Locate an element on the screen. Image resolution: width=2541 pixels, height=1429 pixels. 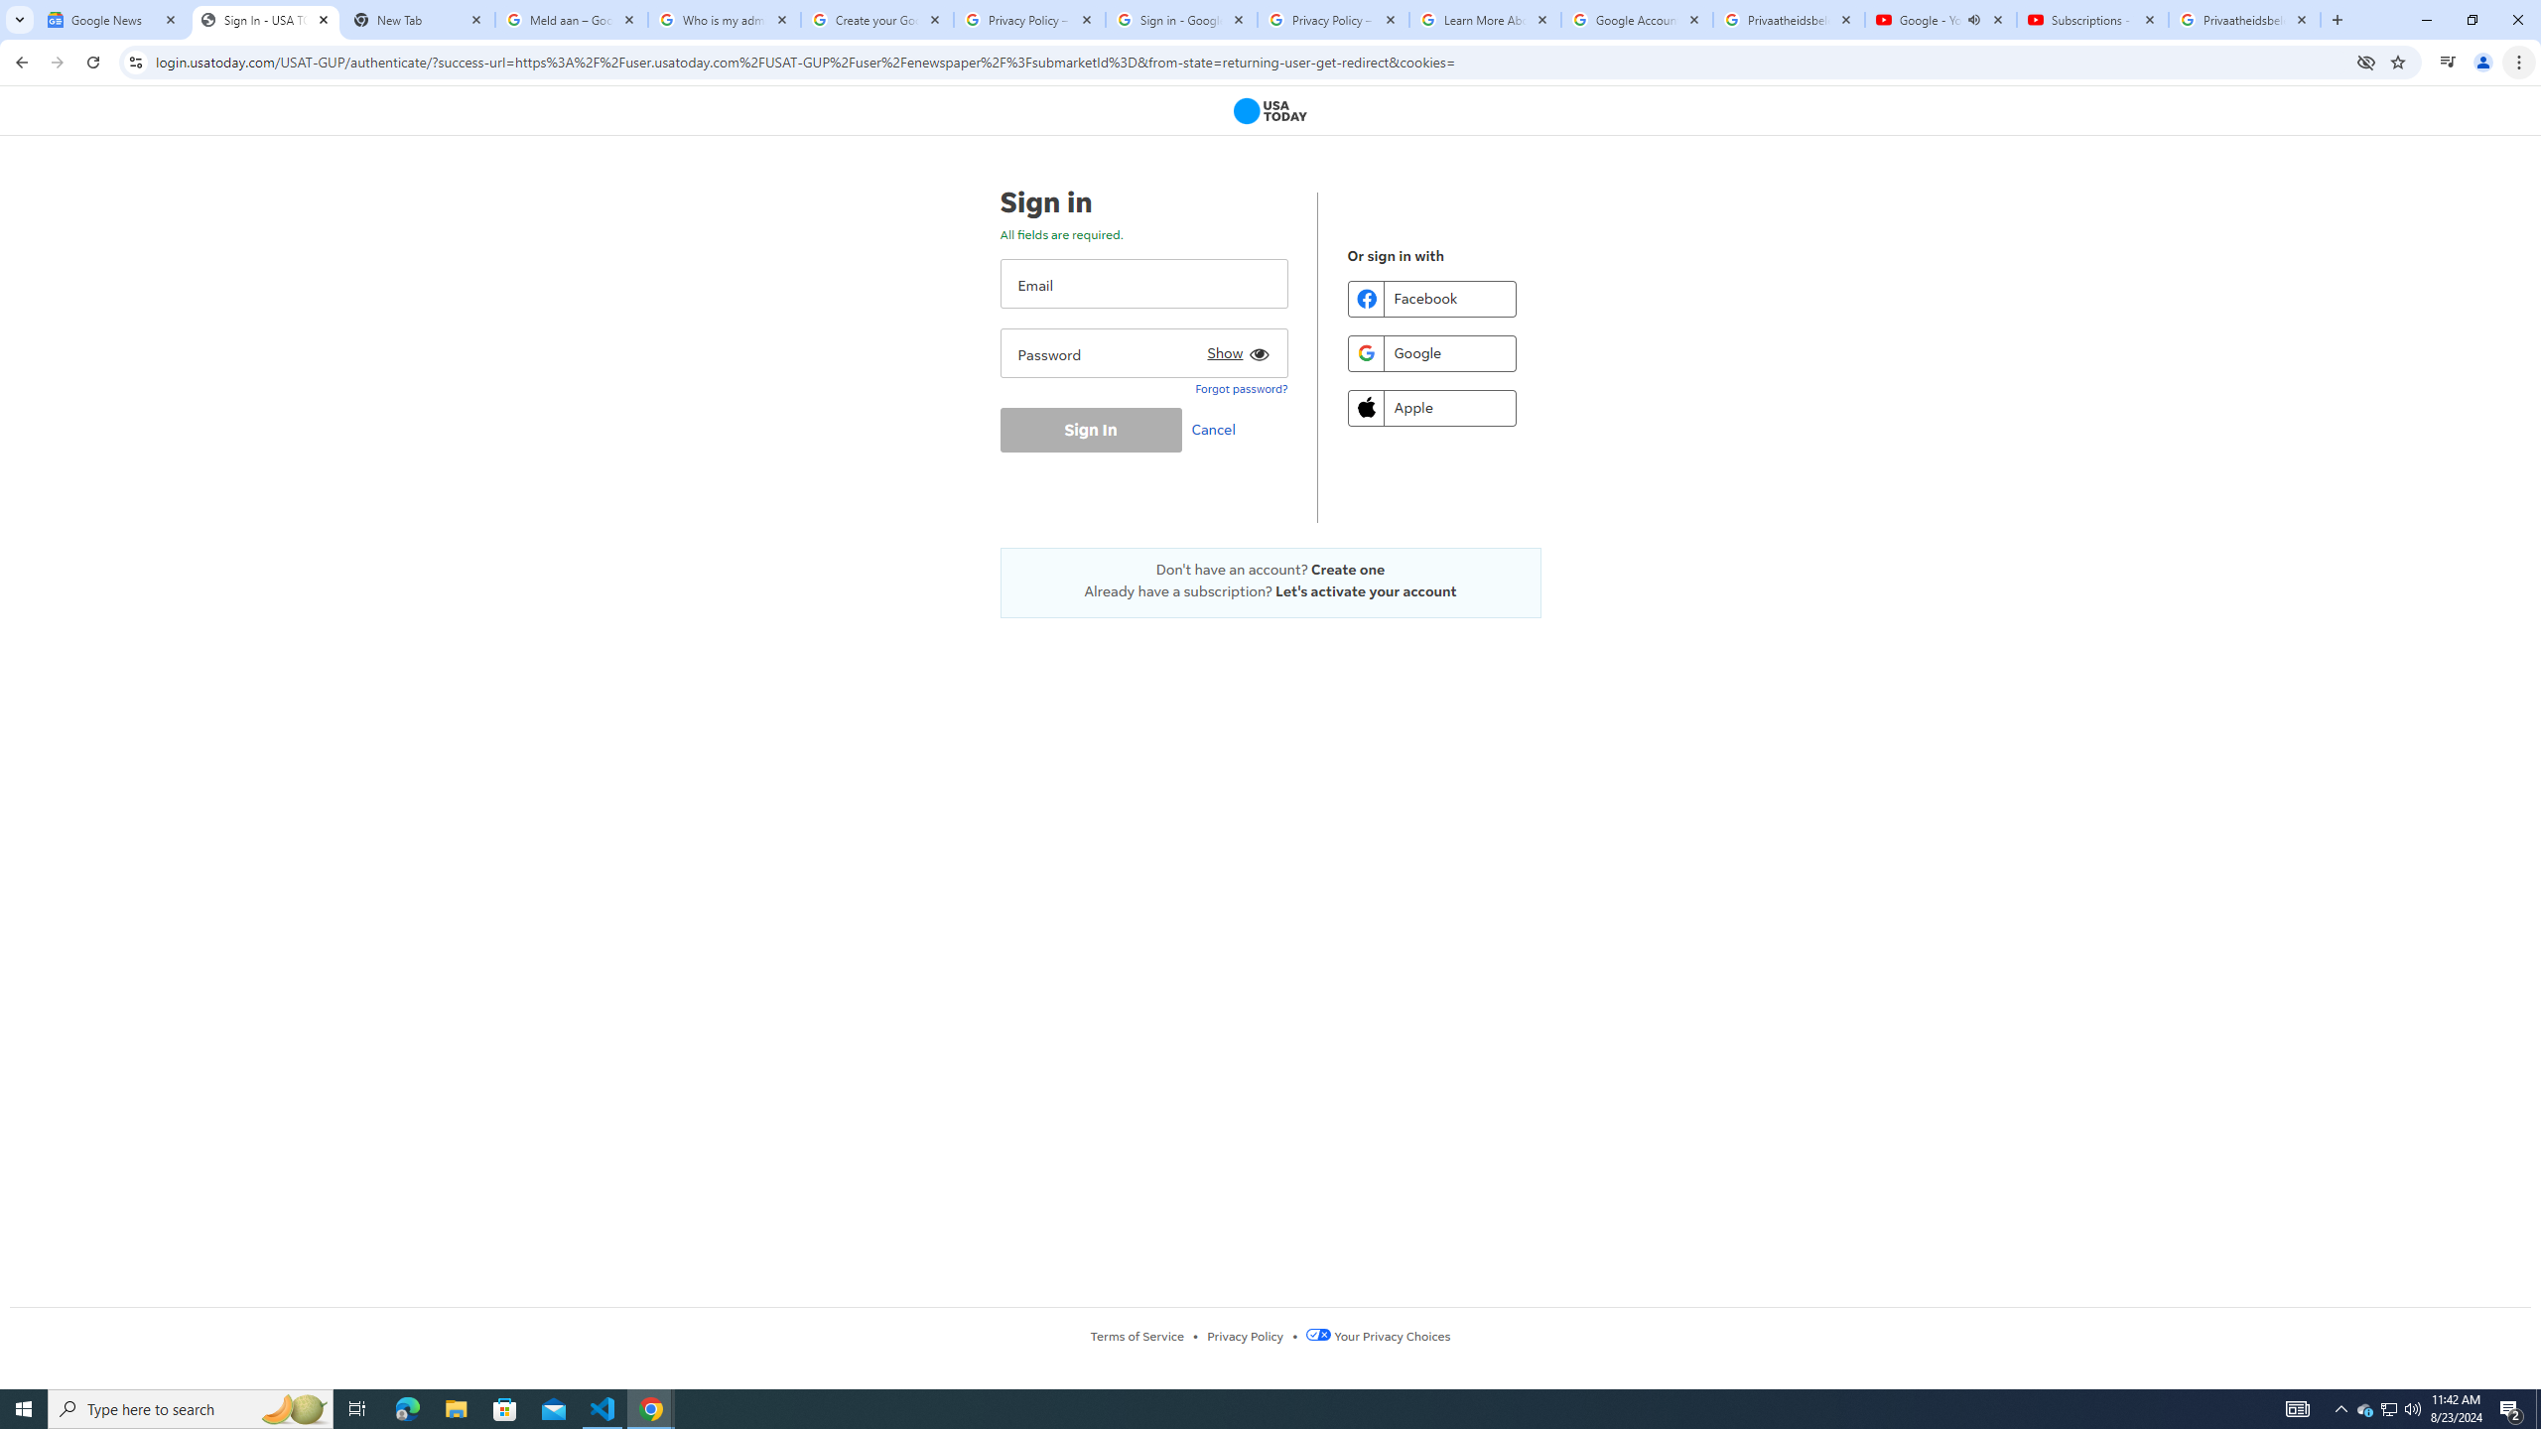
'Sign in - Google Accounts' is located at coordinates (1181, 19).